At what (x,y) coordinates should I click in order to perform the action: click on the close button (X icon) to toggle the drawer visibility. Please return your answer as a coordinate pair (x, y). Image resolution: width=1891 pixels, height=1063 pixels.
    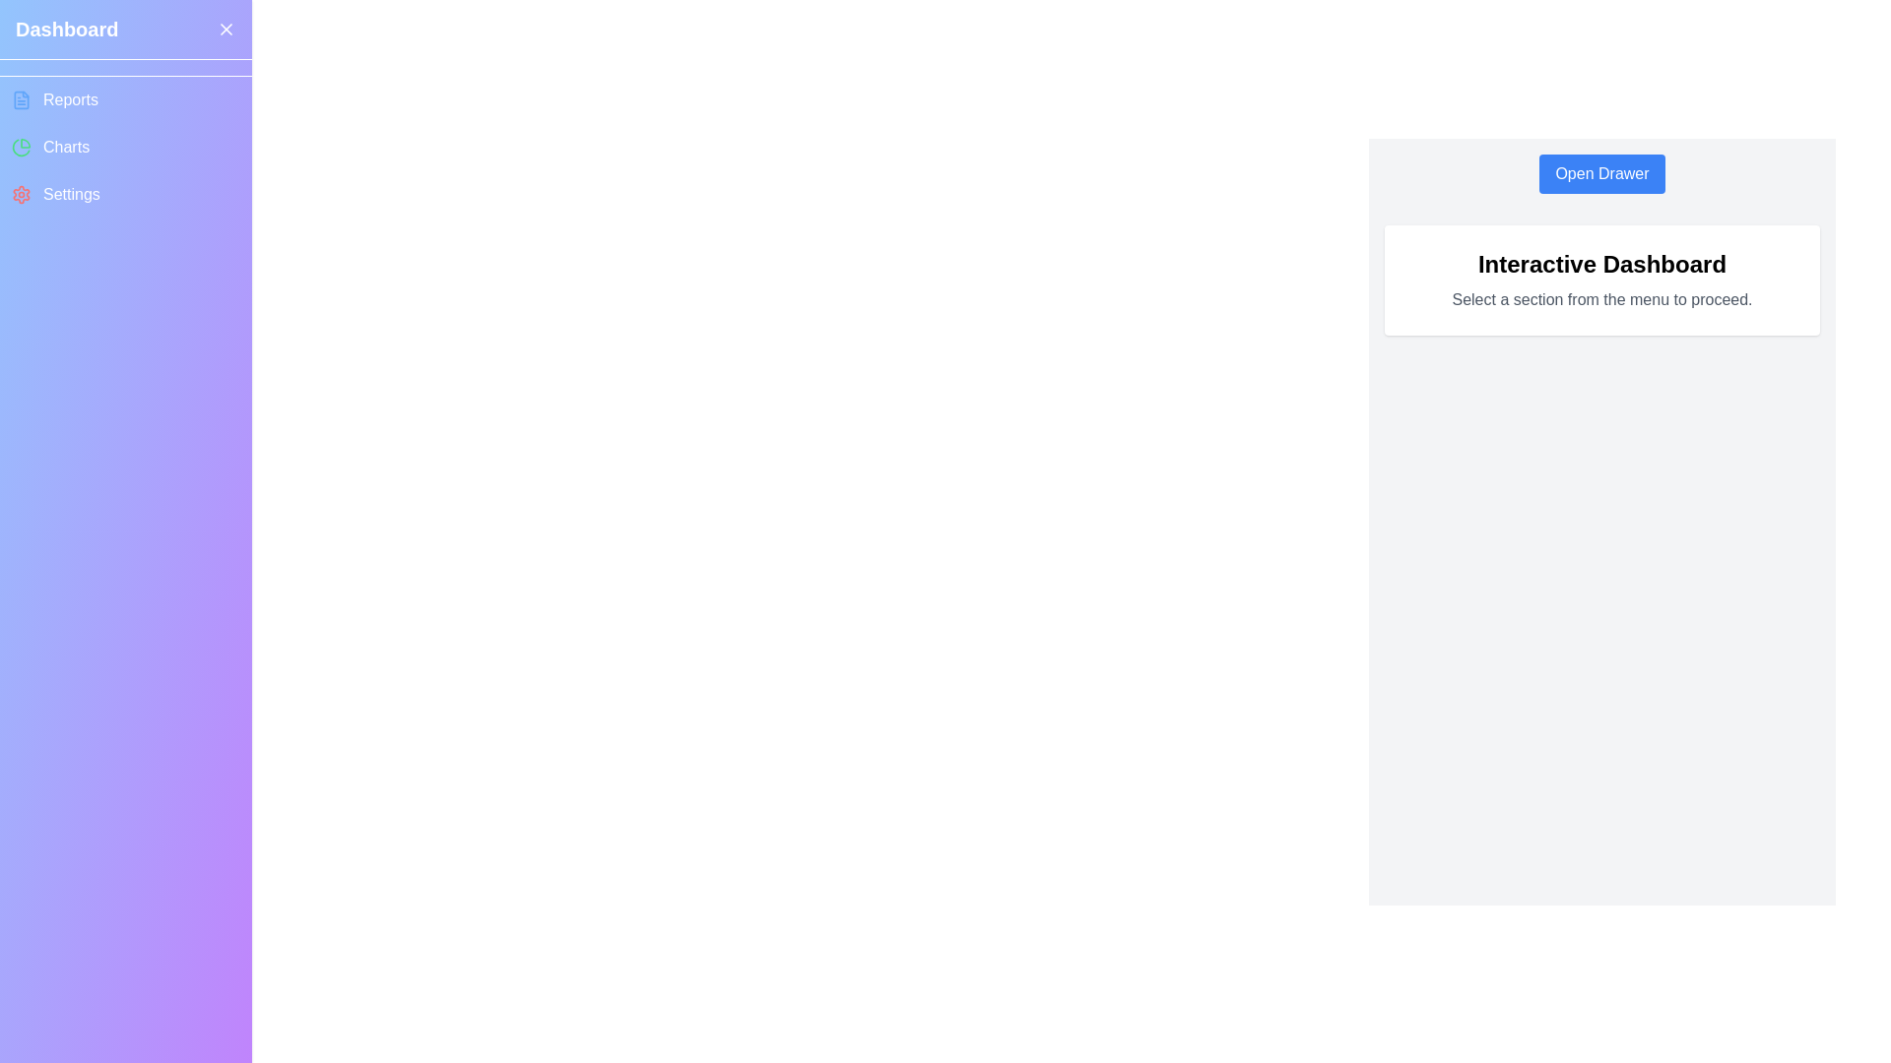
    Looking at the image, I should click on (227, 30).